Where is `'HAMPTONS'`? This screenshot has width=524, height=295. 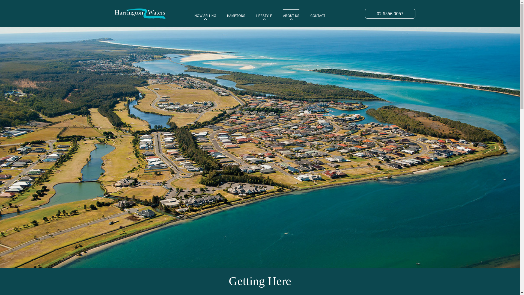
'HAMPTONS' is located at coordinates (236, 15).